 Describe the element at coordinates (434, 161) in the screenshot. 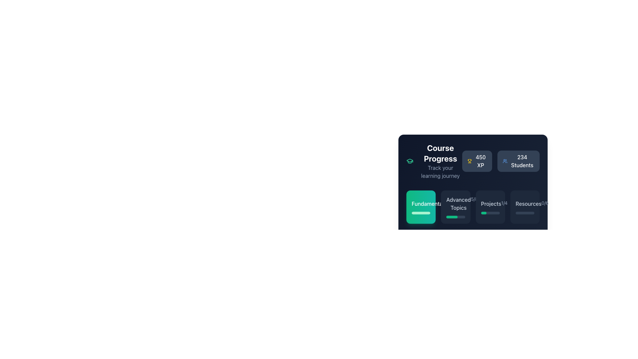

I see `information from the section header that provides an overview of the user's course progress, including the motivational subtitle` at that location.